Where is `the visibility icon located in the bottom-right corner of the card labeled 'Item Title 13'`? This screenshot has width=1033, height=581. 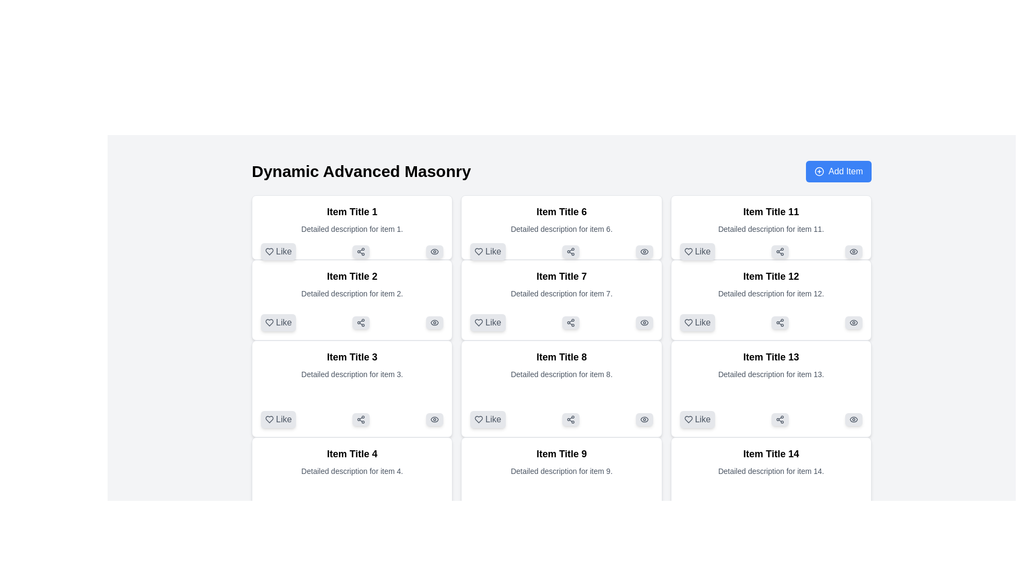 the visibility icon located in the bottom-right corner of the card labeled 'Item Title 13' is located at coordinates (853, 419).